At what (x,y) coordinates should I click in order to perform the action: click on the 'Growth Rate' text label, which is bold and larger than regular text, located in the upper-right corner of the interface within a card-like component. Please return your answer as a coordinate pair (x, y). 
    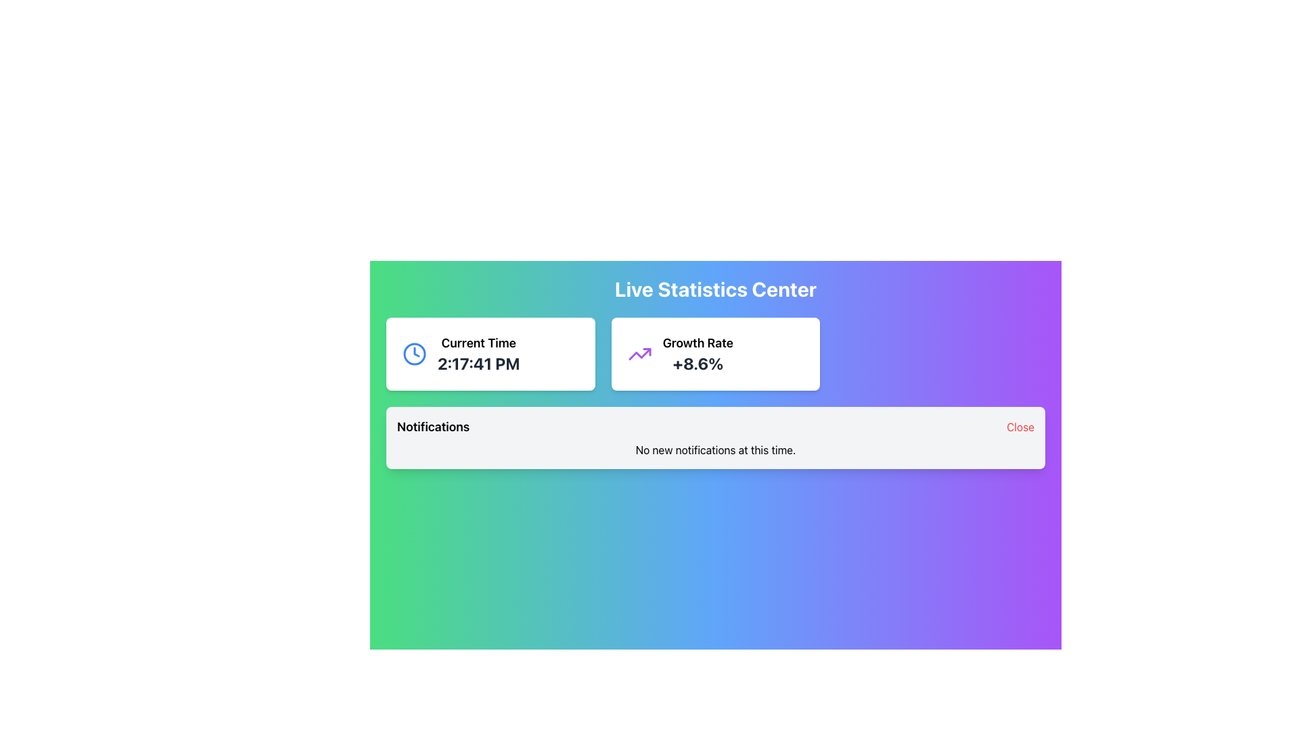
    Looking at the image, I should click on (698, 343).